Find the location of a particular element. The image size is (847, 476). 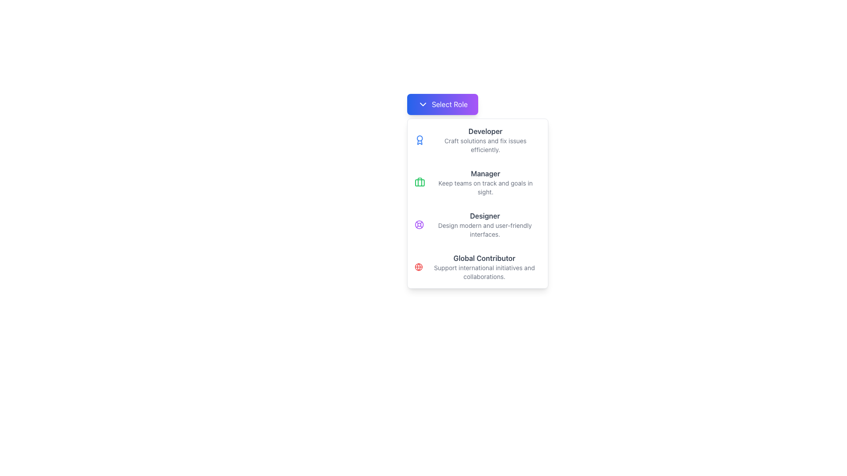

the 'Developer' role option in the dropdown menu labeled 'Select Role', which is the first item in the list is located at coordinates (477, 139).